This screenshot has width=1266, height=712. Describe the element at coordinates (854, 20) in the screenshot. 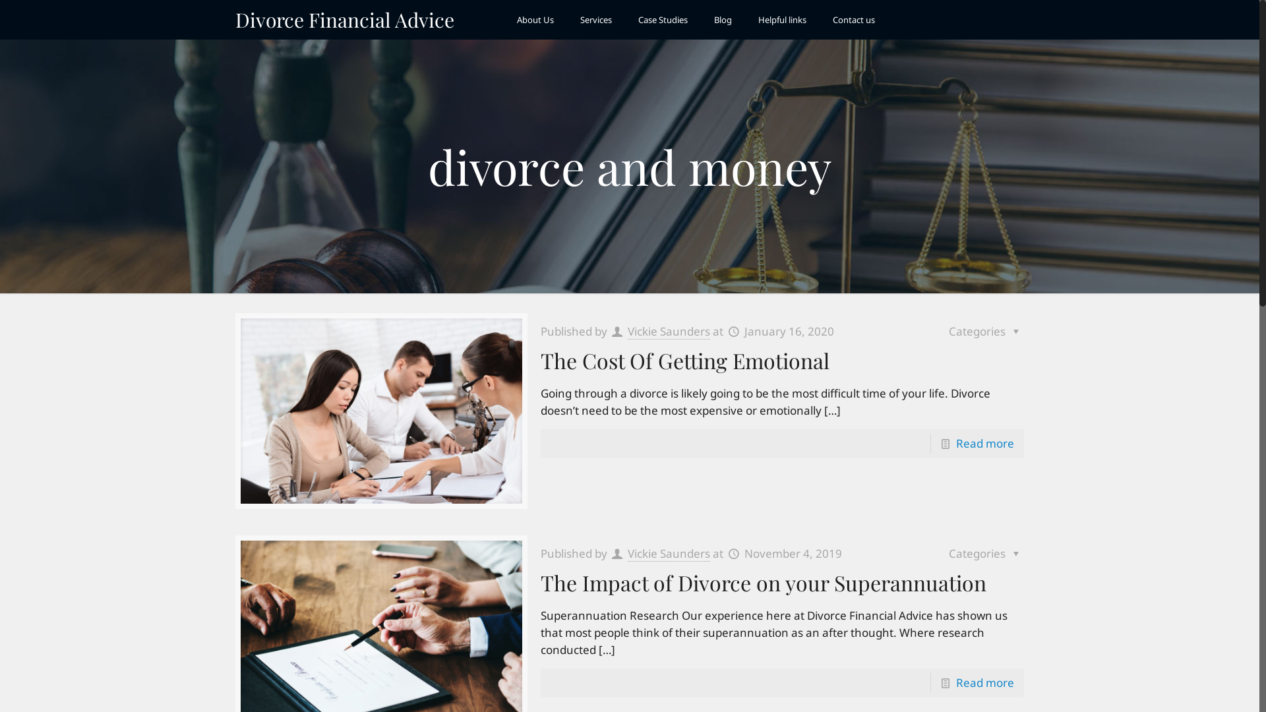

I see `'Contact us'` at that location.